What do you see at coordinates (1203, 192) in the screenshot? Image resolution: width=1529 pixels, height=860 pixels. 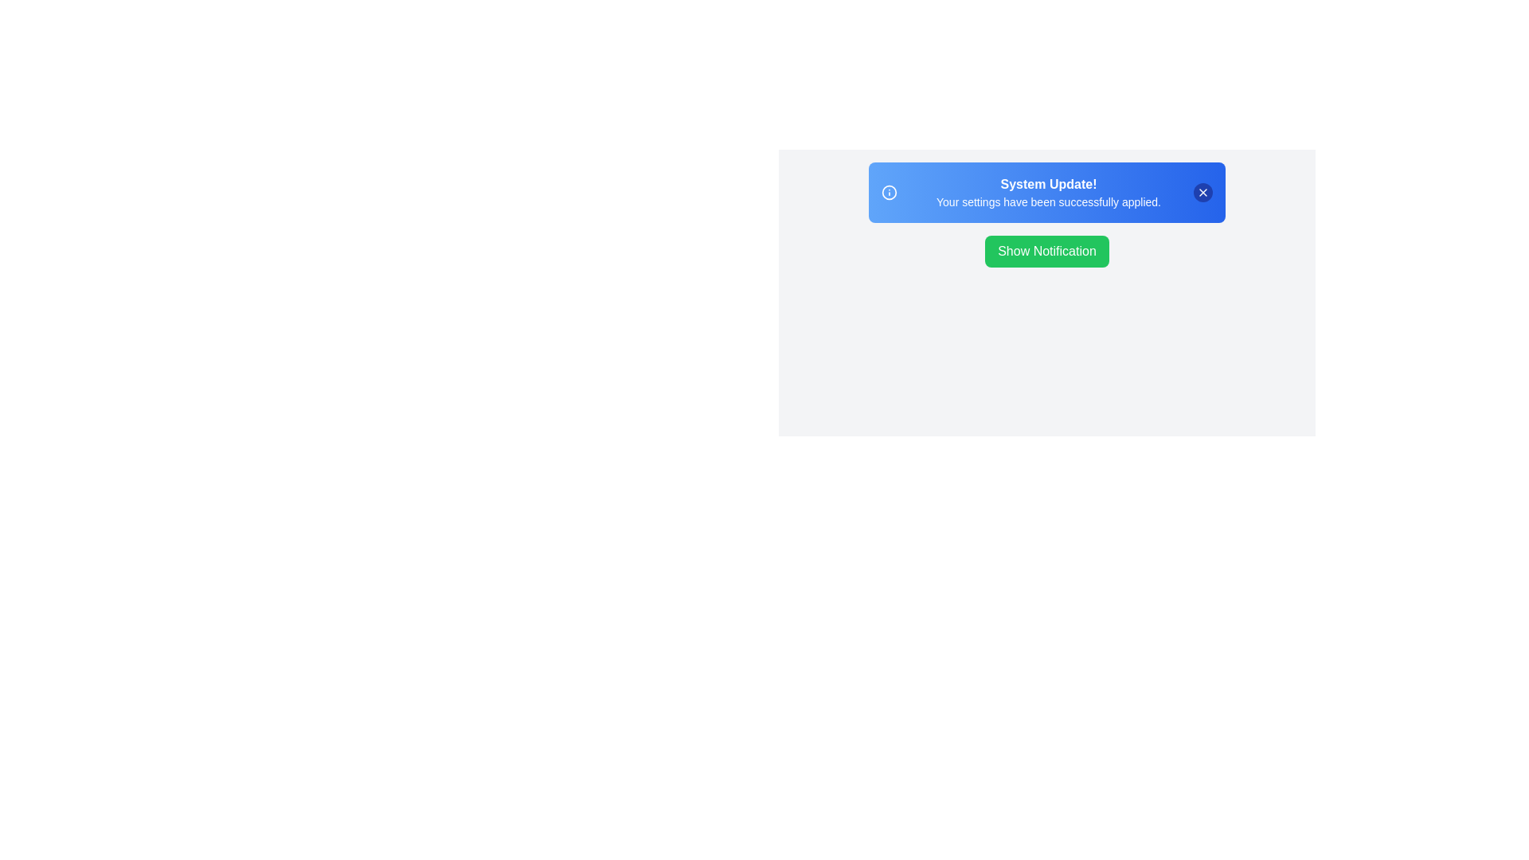 I see `the close button of the snackbar notification` at bounding box center [1203, 192].